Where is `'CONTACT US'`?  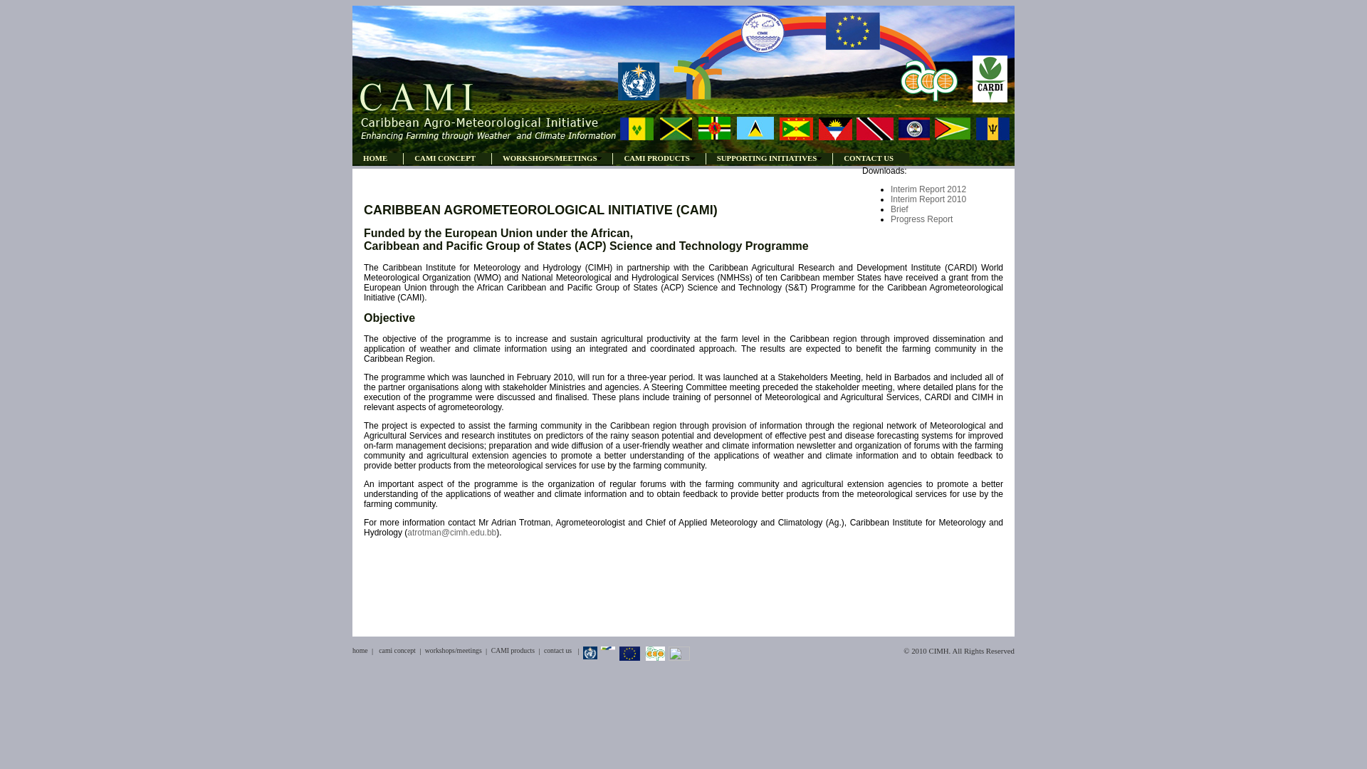
'CONTACT US' is located at coordinates (832, 158).